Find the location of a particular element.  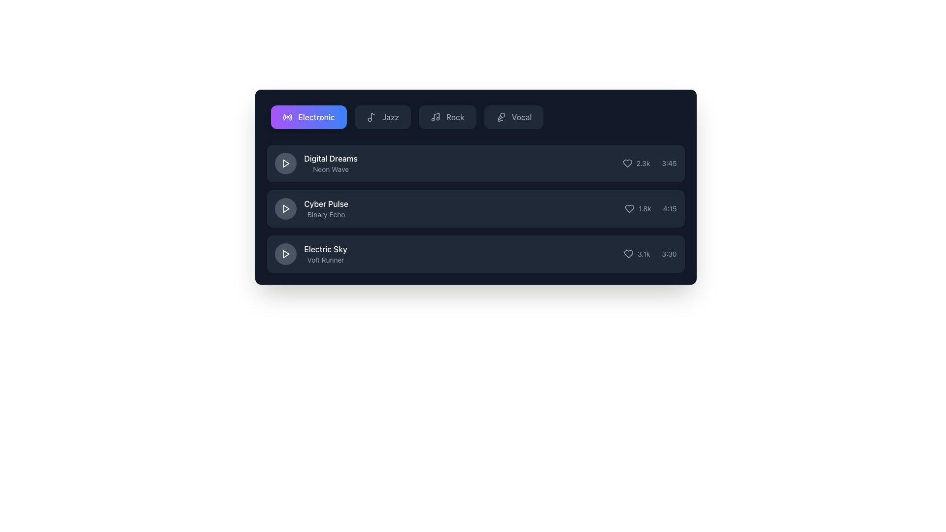

the selectable list item labeled 'Cyber Pulse' with subtitle 'Binary Echo' is located at coordinates (475, 208).